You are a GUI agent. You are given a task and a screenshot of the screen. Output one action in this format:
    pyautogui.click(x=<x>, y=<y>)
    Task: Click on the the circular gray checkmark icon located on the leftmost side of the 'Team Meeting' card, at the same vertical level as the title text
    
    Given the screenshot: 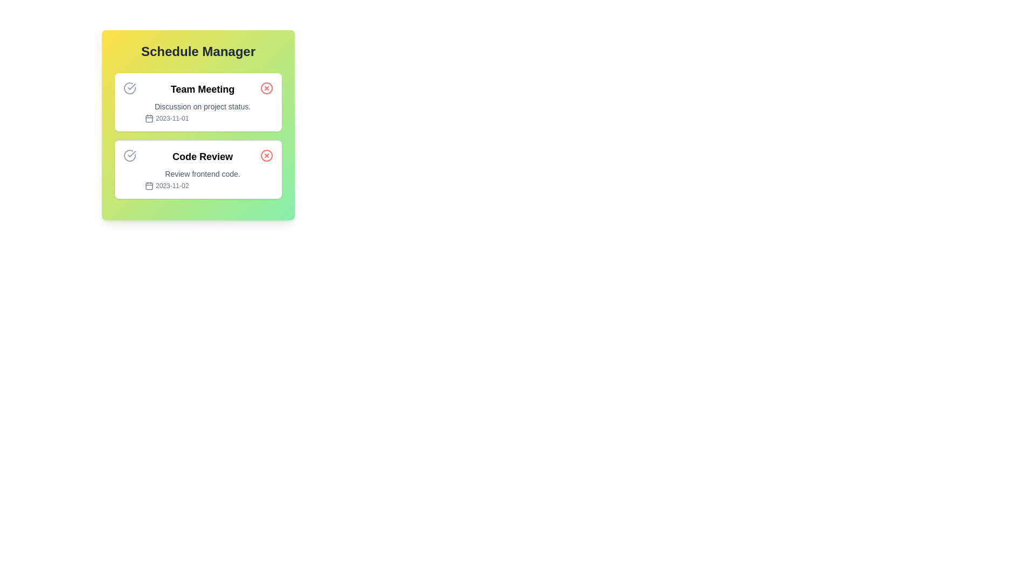 What is the action you would take?
    pyautogui.click(x=129, y=88)
    